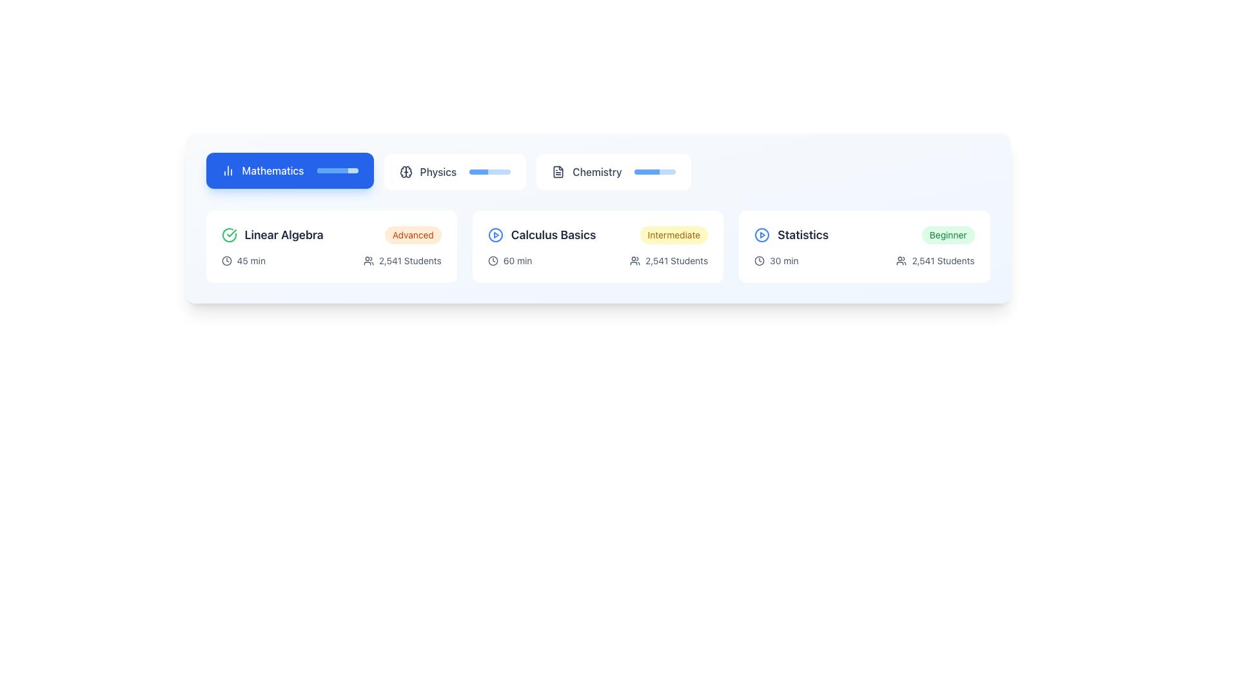 The height and width of the screenshot is (696, 1238). Describe the element at coordinates (901, 261) in the screenshot. I see `the icon representing multiple users or a group, which visually indicates the number of students in a course, located to the left of the text '2,541 Students'` at that location.